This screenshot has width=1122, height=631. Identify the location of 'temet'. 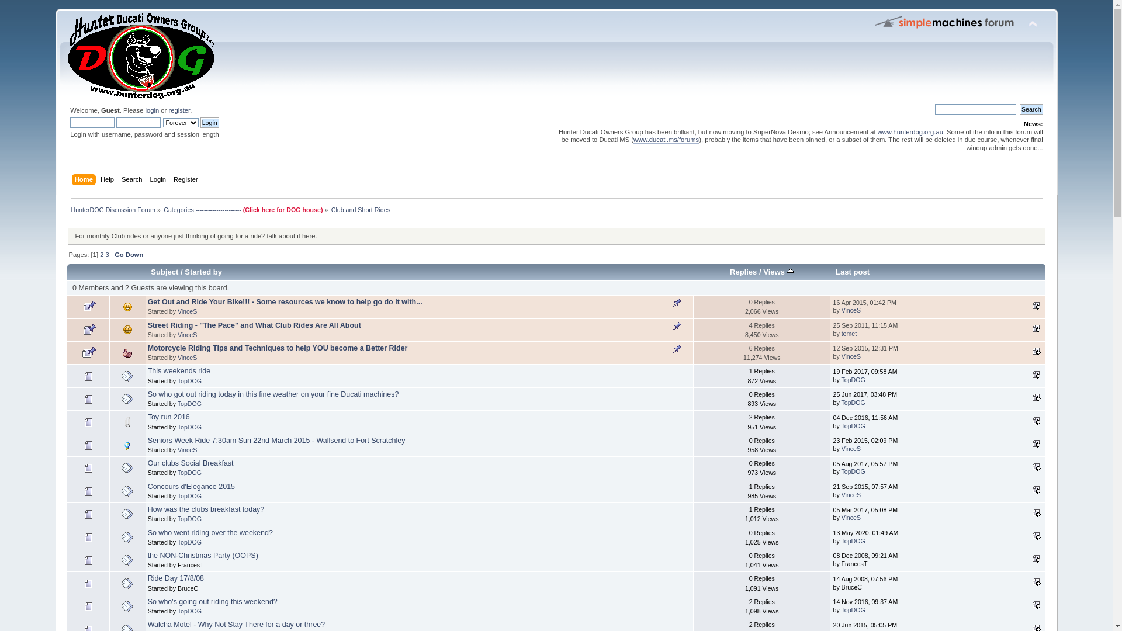
(849, 333).